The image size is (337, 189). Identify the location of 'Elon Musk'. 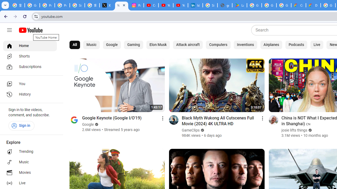
(158, 45).